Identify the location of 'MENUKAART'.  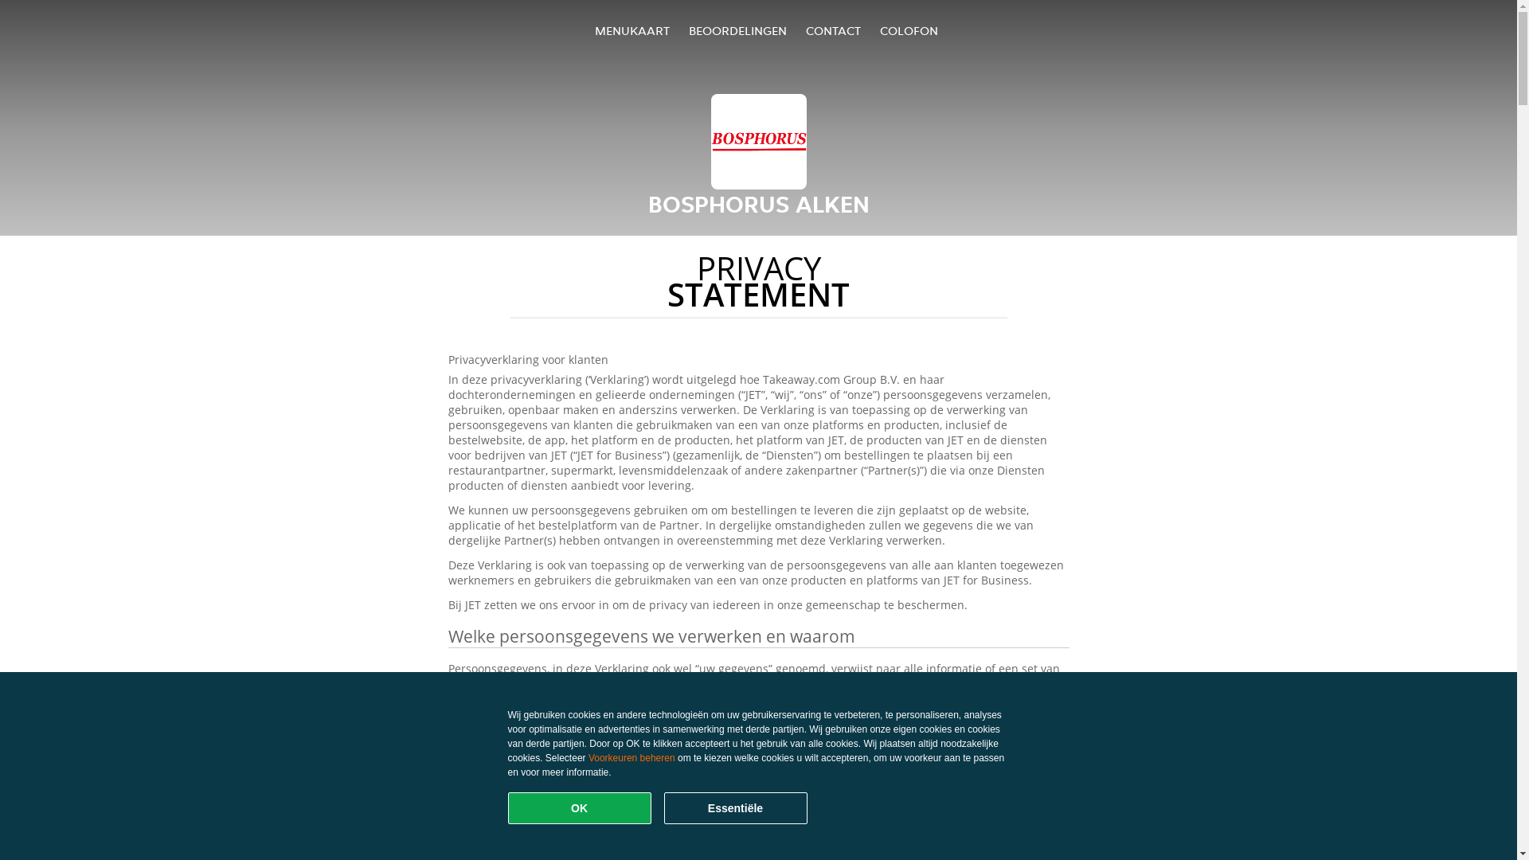
(631, 30).